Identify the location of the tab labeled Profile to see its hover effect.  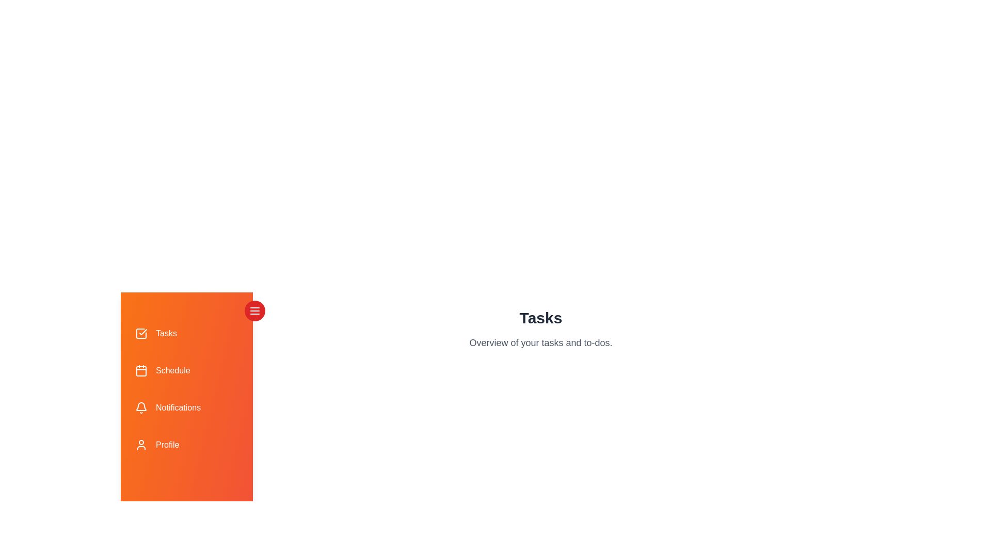
(186, 445).